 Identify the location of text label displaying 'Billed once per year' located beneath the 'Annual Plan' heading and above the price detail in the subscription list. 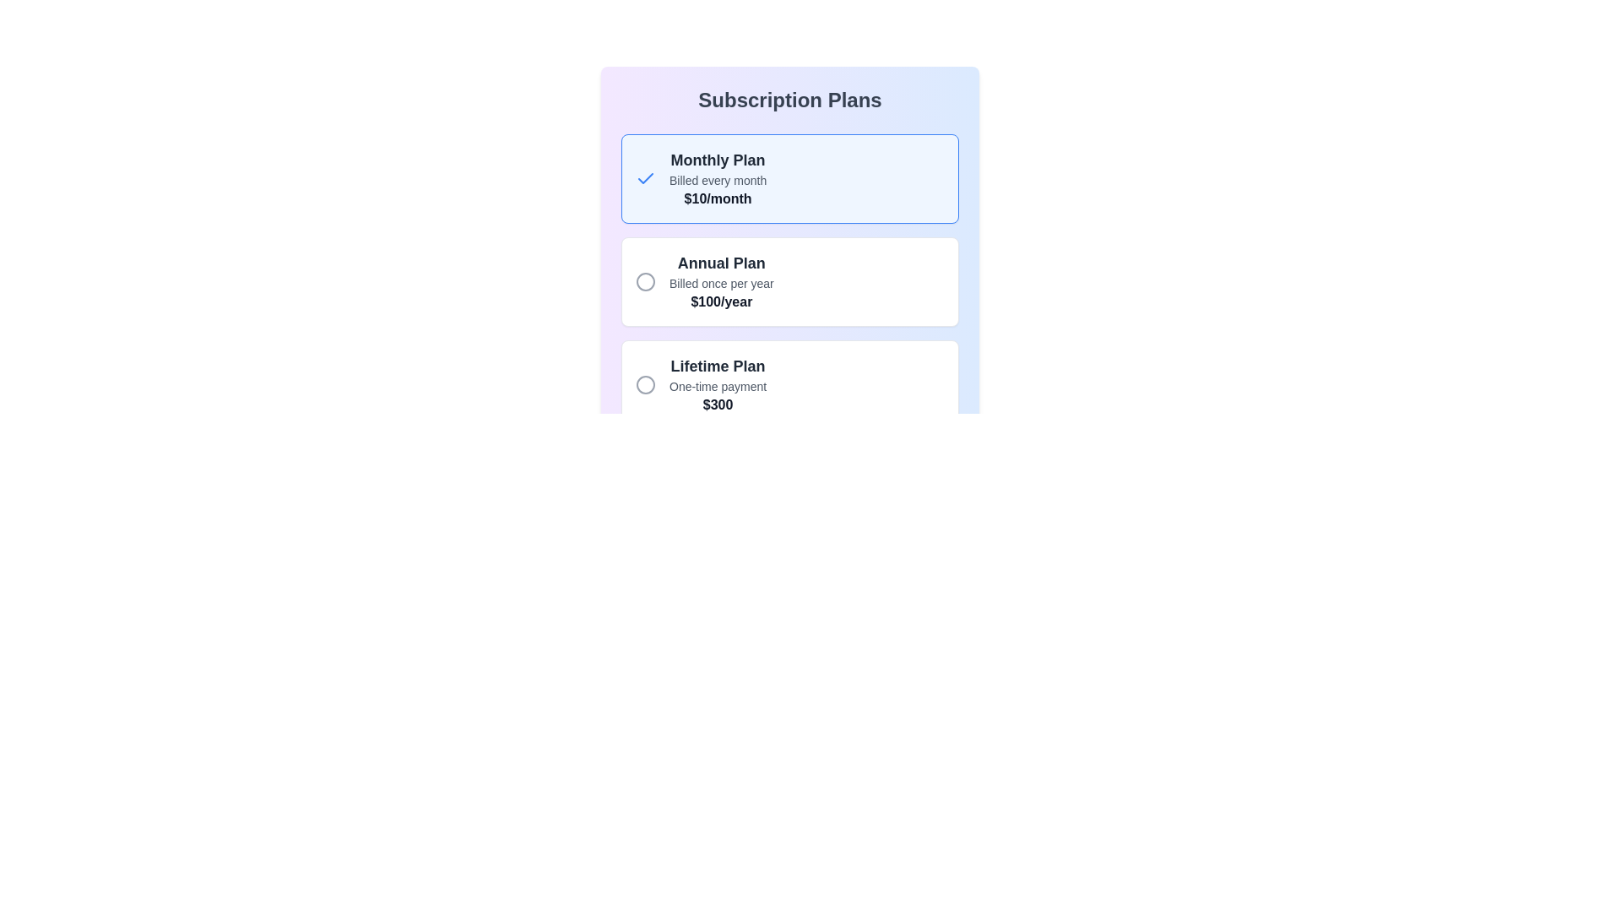
(721, 282).